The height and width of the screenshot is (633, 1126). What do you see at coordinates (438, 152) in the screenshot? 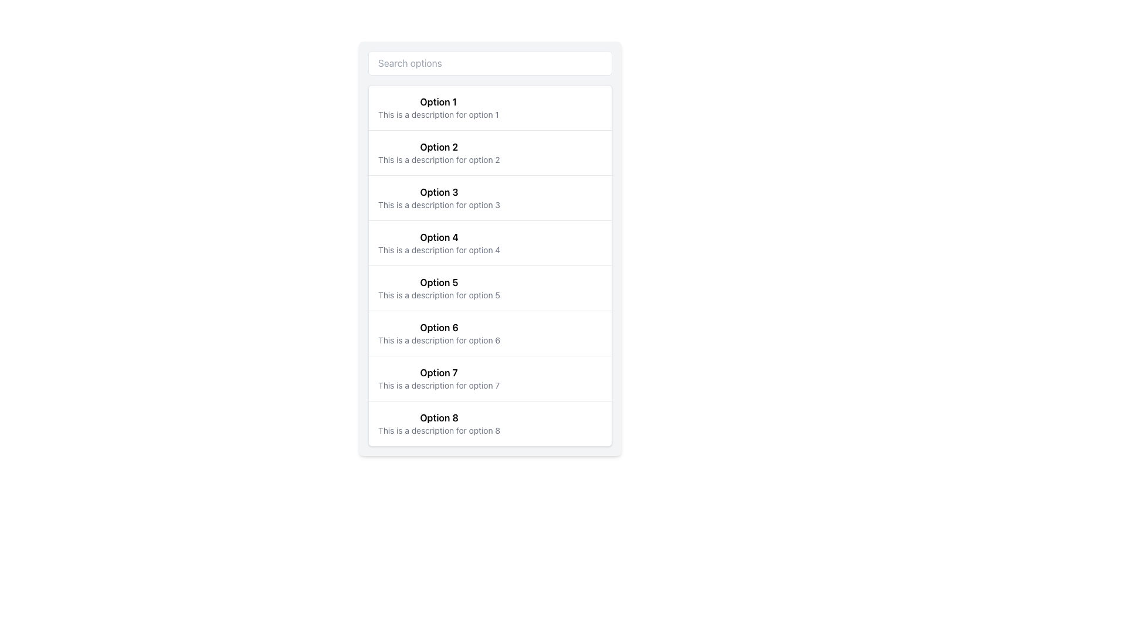
I see `the second list item option which presents the title and description, located between 'Option 1' and 'Option 3'` at bounding box center [438, 152].